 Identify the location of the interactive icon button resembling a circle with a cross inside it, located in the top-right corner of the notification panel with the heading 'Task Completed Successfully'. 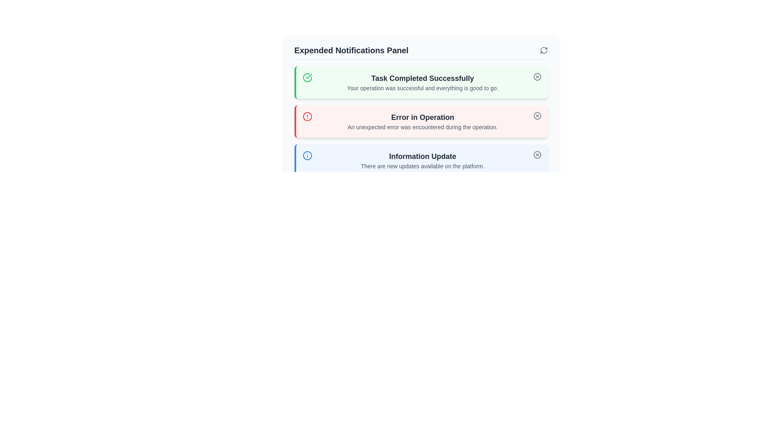
(537, 77).